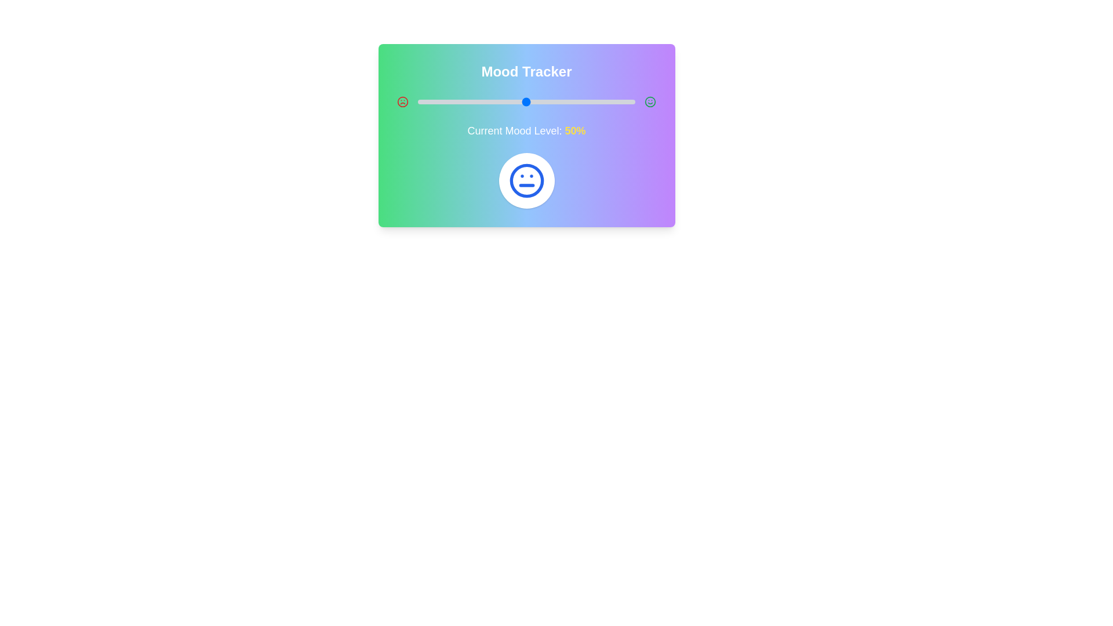 The height and width of the screenshot is (626, 1113). I want to click on the mood level to 45% by interacting with the slider, so click(515, 101).